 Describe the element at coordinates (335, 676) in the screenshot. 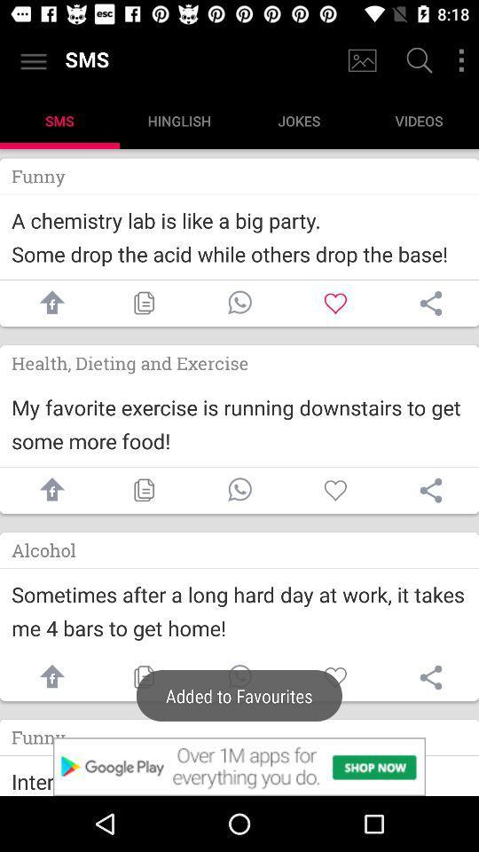

I see `favorite` at that location.